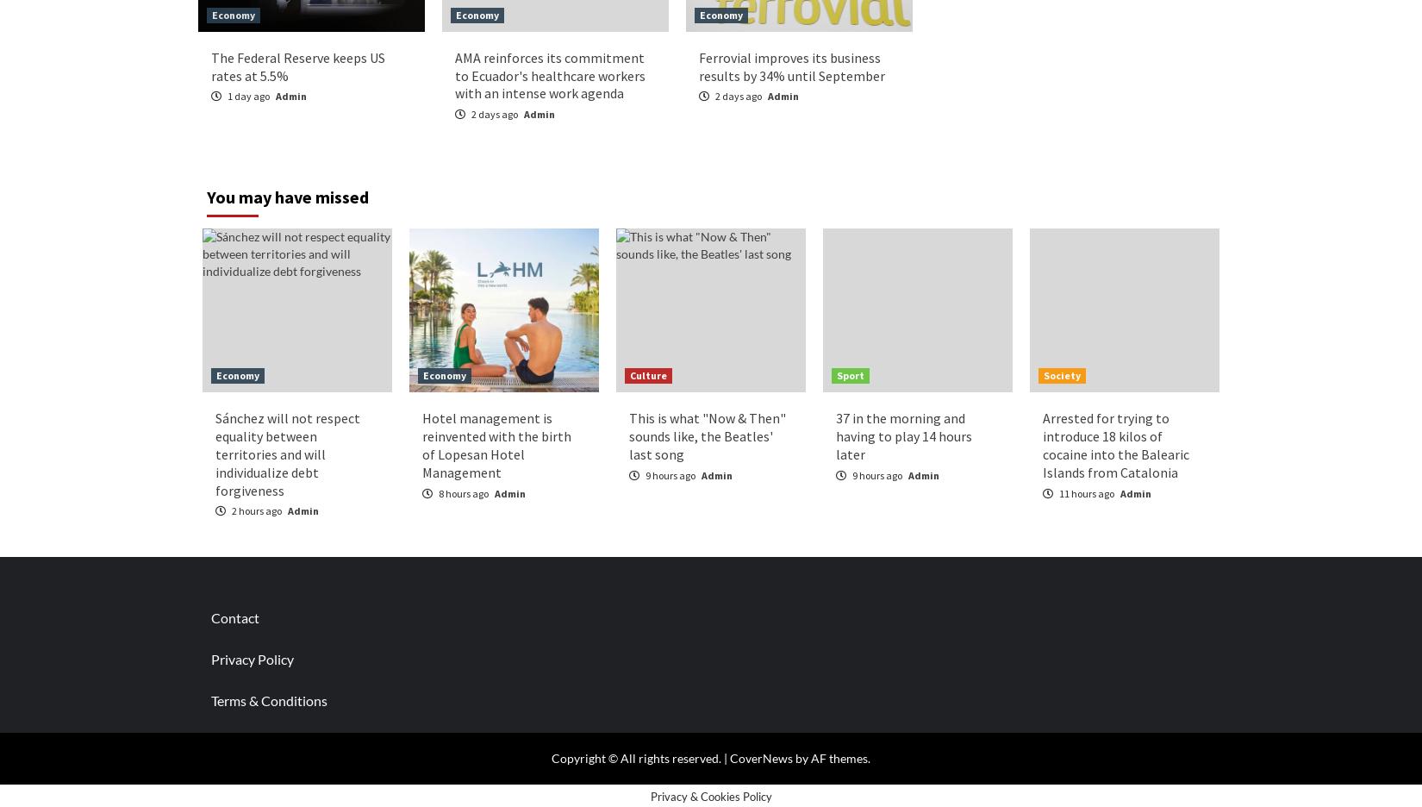 This screenshot has width=1422, height=807. I want to click on 'Arrested for trying to introduce 18 kilos of cocaine into the Balearic Islands from Catalonia', so click(1114, 445).